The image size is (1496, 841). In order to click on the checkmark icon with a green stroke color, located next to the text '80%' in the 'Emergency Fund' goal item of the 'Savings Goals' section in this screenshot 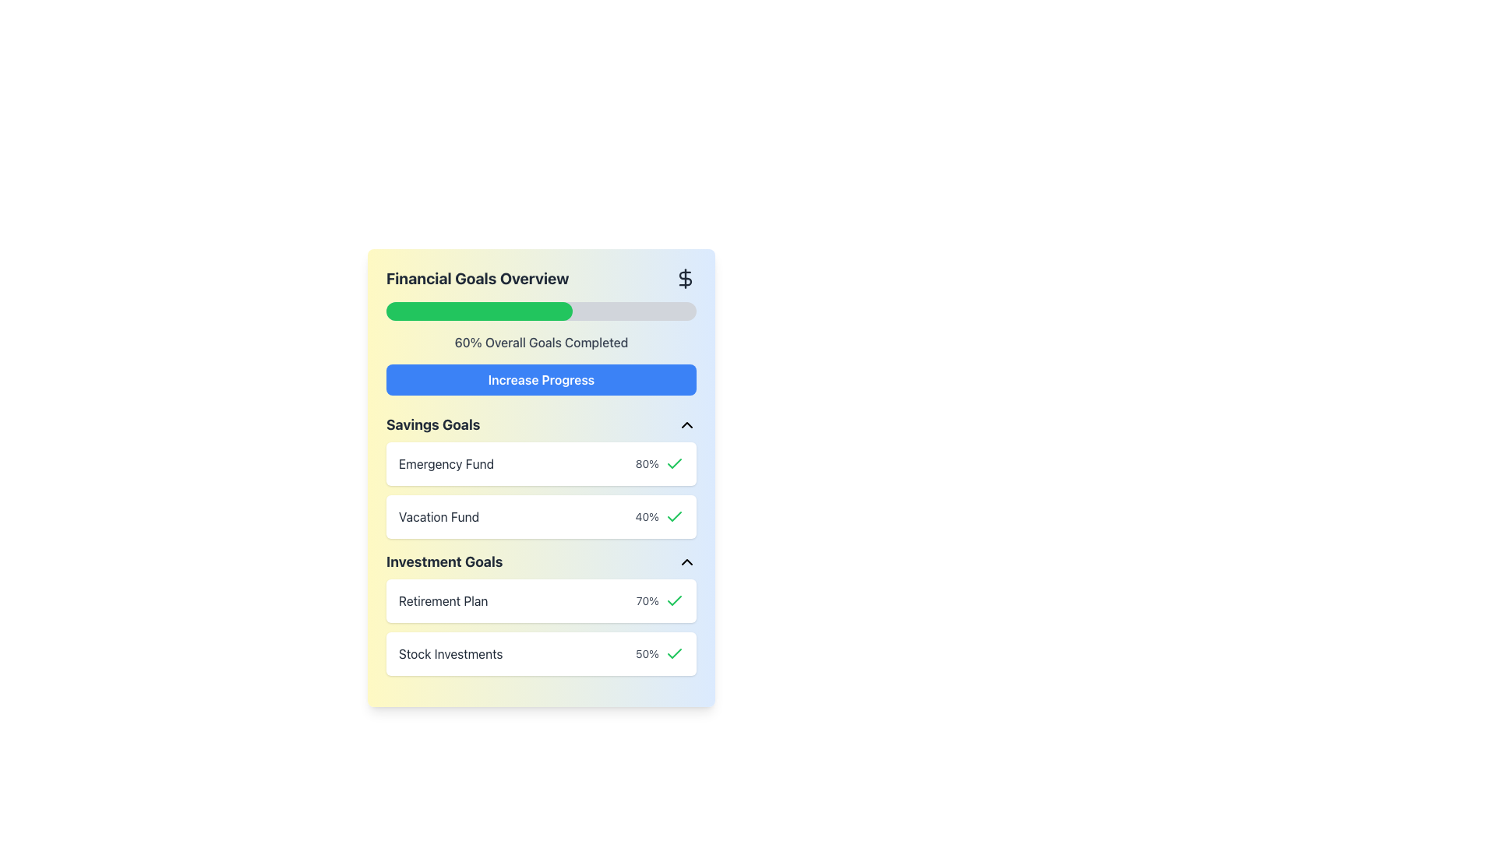, I will do `click(674, 463)`.